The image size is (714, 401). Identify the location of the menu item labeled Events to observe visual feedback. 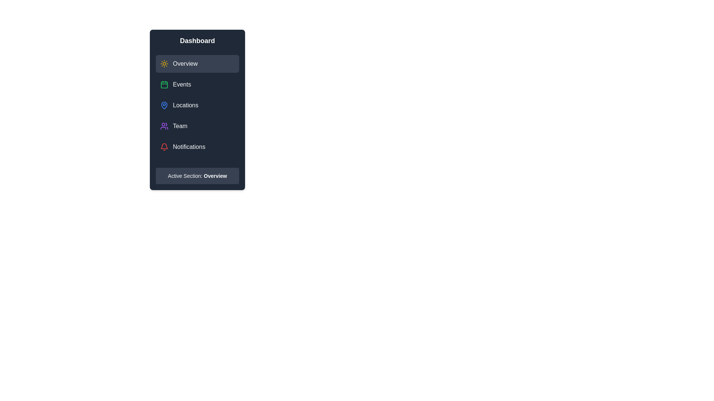
(197, 84).